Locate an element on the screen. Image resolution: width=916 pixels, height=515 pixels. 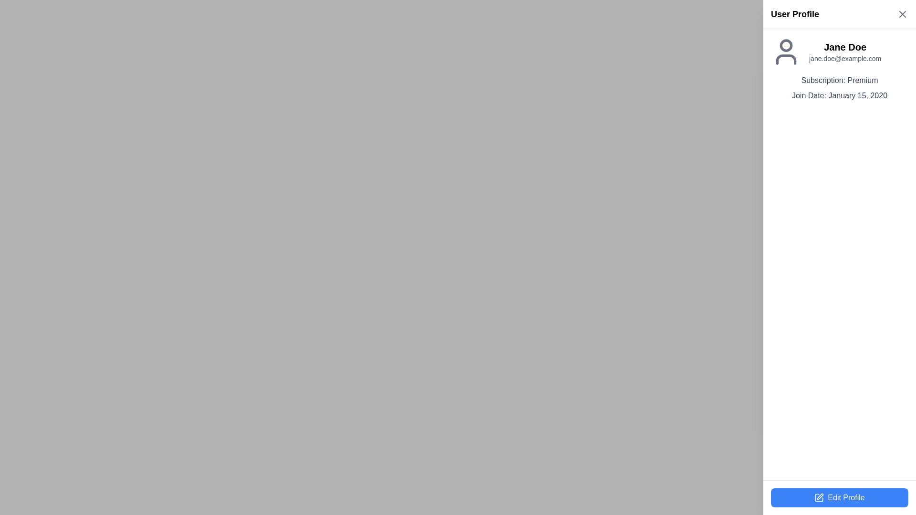
the small square icon with an embedded pen symbol located to the left of the 'Edit Profile' text is located at coordinates (819, 497).